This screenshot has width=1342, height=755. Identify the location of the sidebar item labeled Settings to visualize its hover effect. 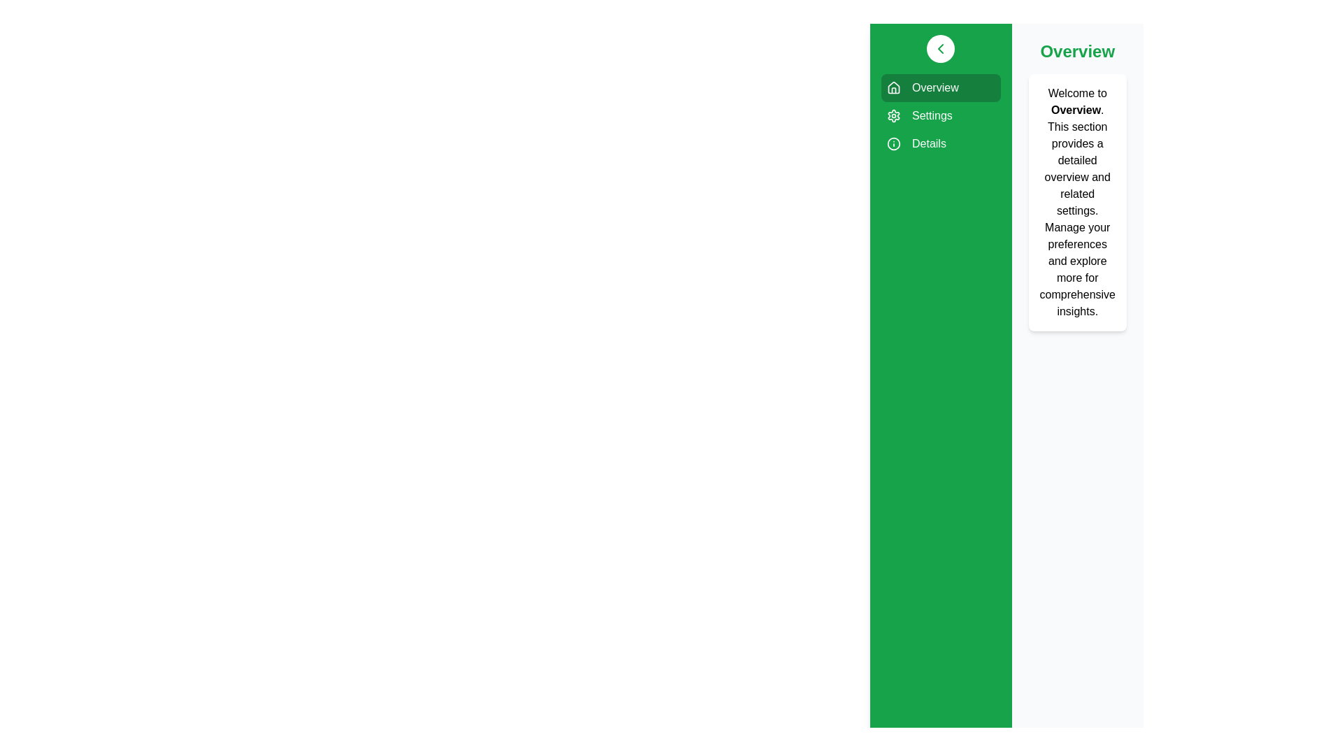
(941, 115).